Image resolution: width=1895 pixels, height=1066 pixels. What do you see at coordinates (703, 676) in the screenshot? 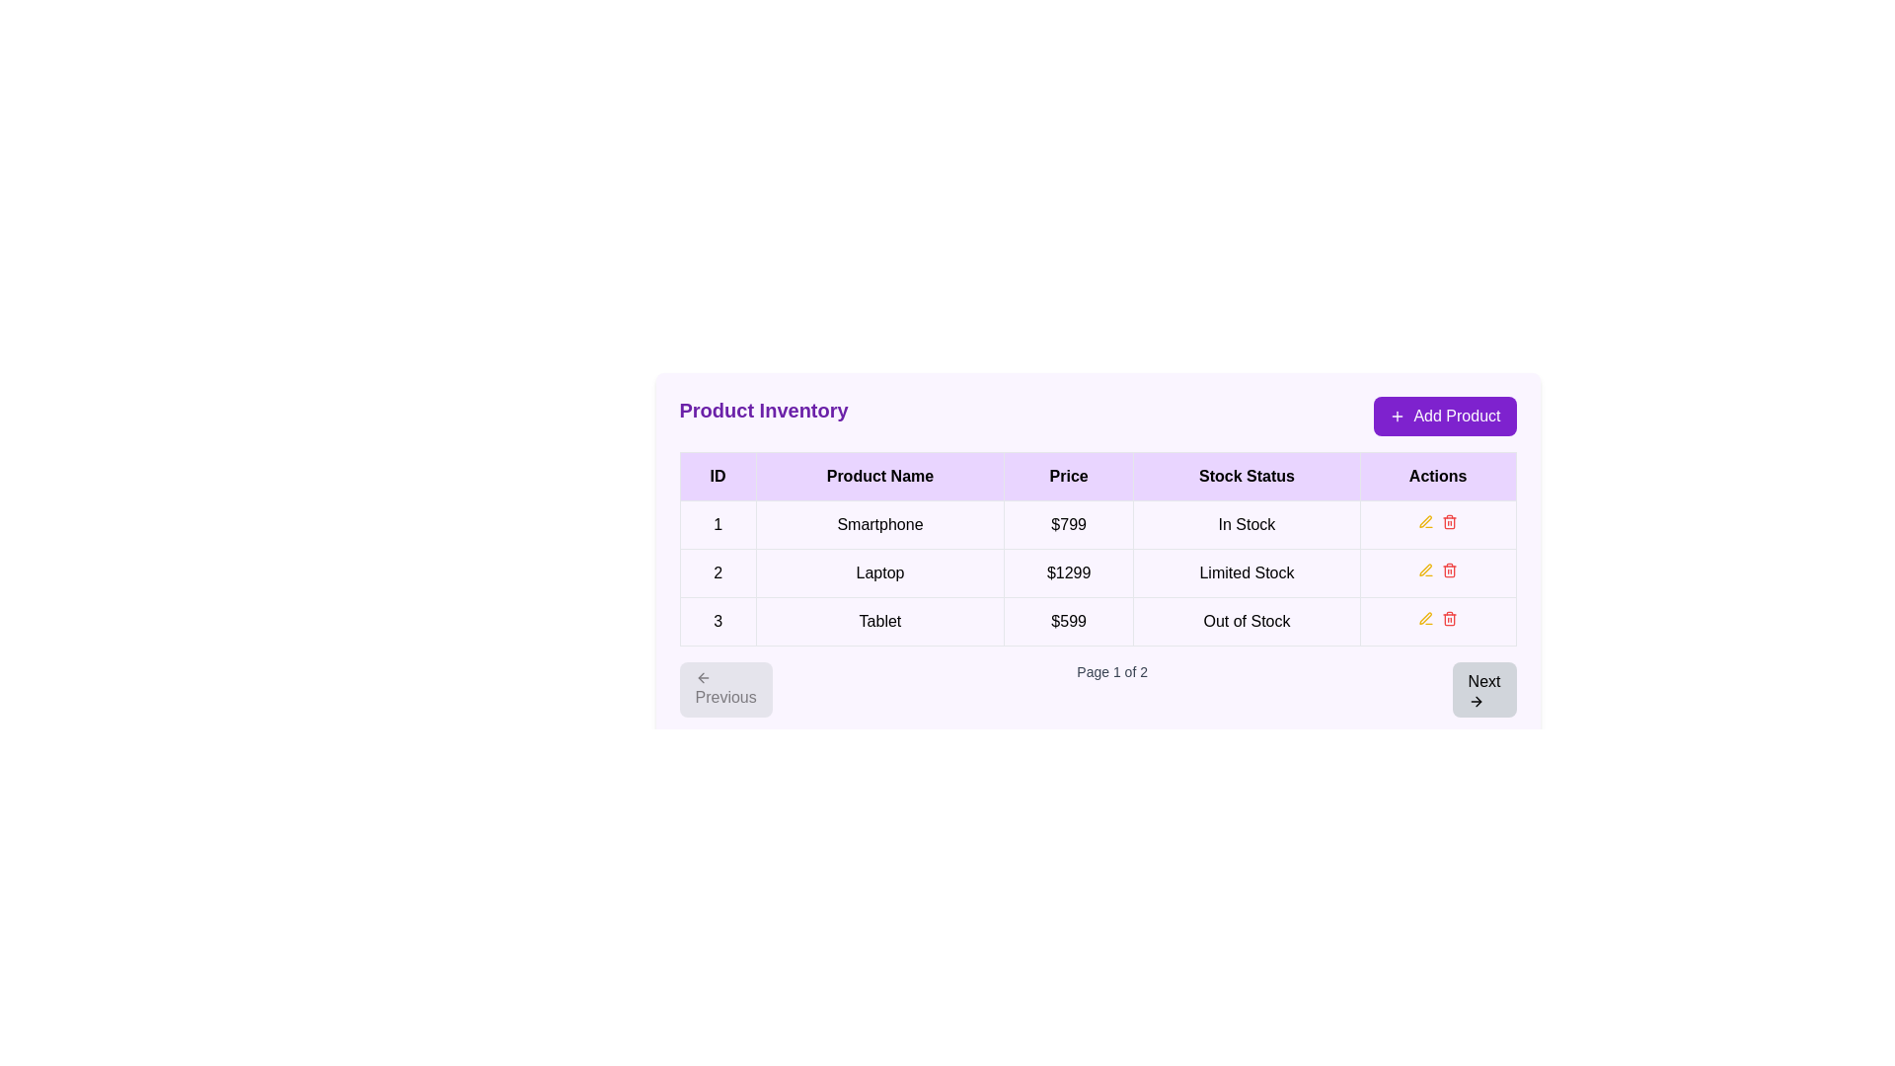
I see `the leftward-pointing arrow icon within the 'Previous' button located in the bottom-left corner of the interface, just below the product inventory table` at bounding box center [703, 676].